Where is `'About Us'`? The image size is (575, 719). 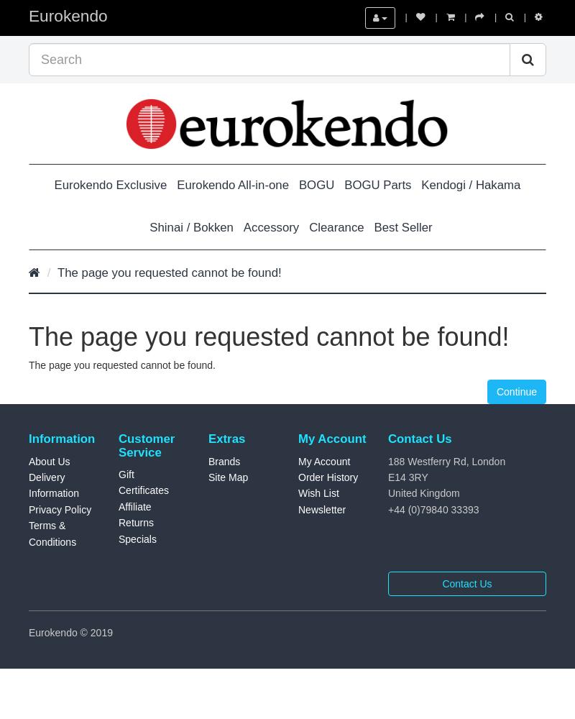 'About Us' is located at coordinates (28, 461).